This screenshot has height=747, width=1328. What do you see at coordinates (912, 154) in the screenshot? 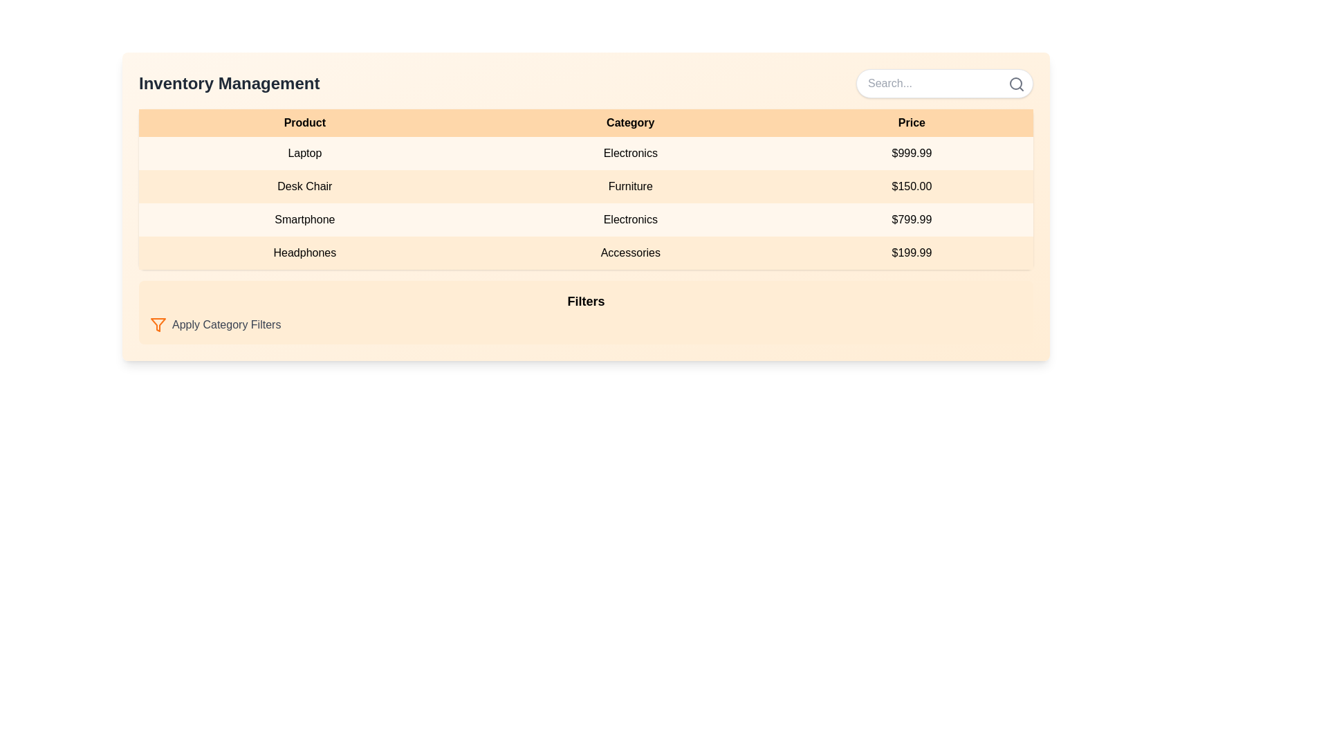
I see `the displayed price of '$999.99' in the 'Price' column of the table for the 'Laptop' row` at bounding box center [912, 154].